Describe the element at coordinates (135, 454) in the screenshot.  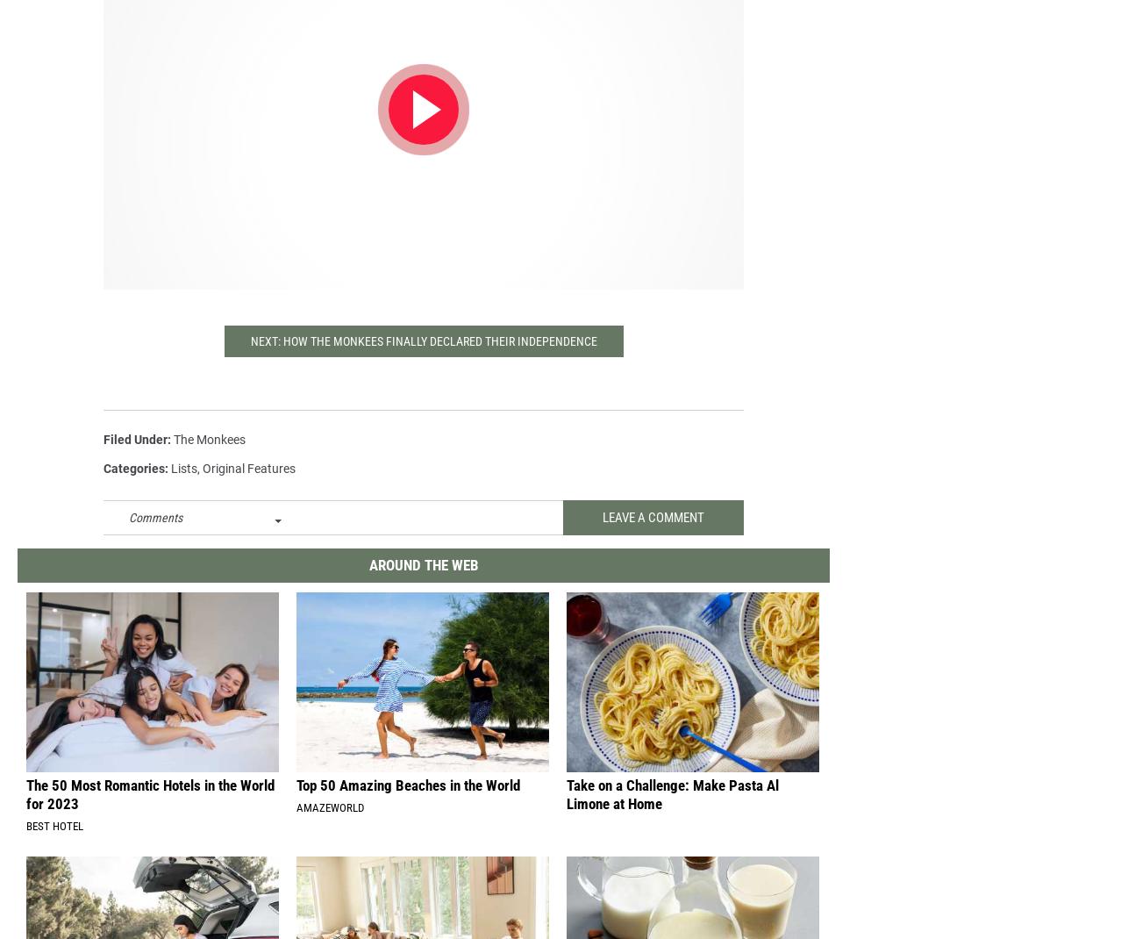
I see `'Filed Under'` at that location.